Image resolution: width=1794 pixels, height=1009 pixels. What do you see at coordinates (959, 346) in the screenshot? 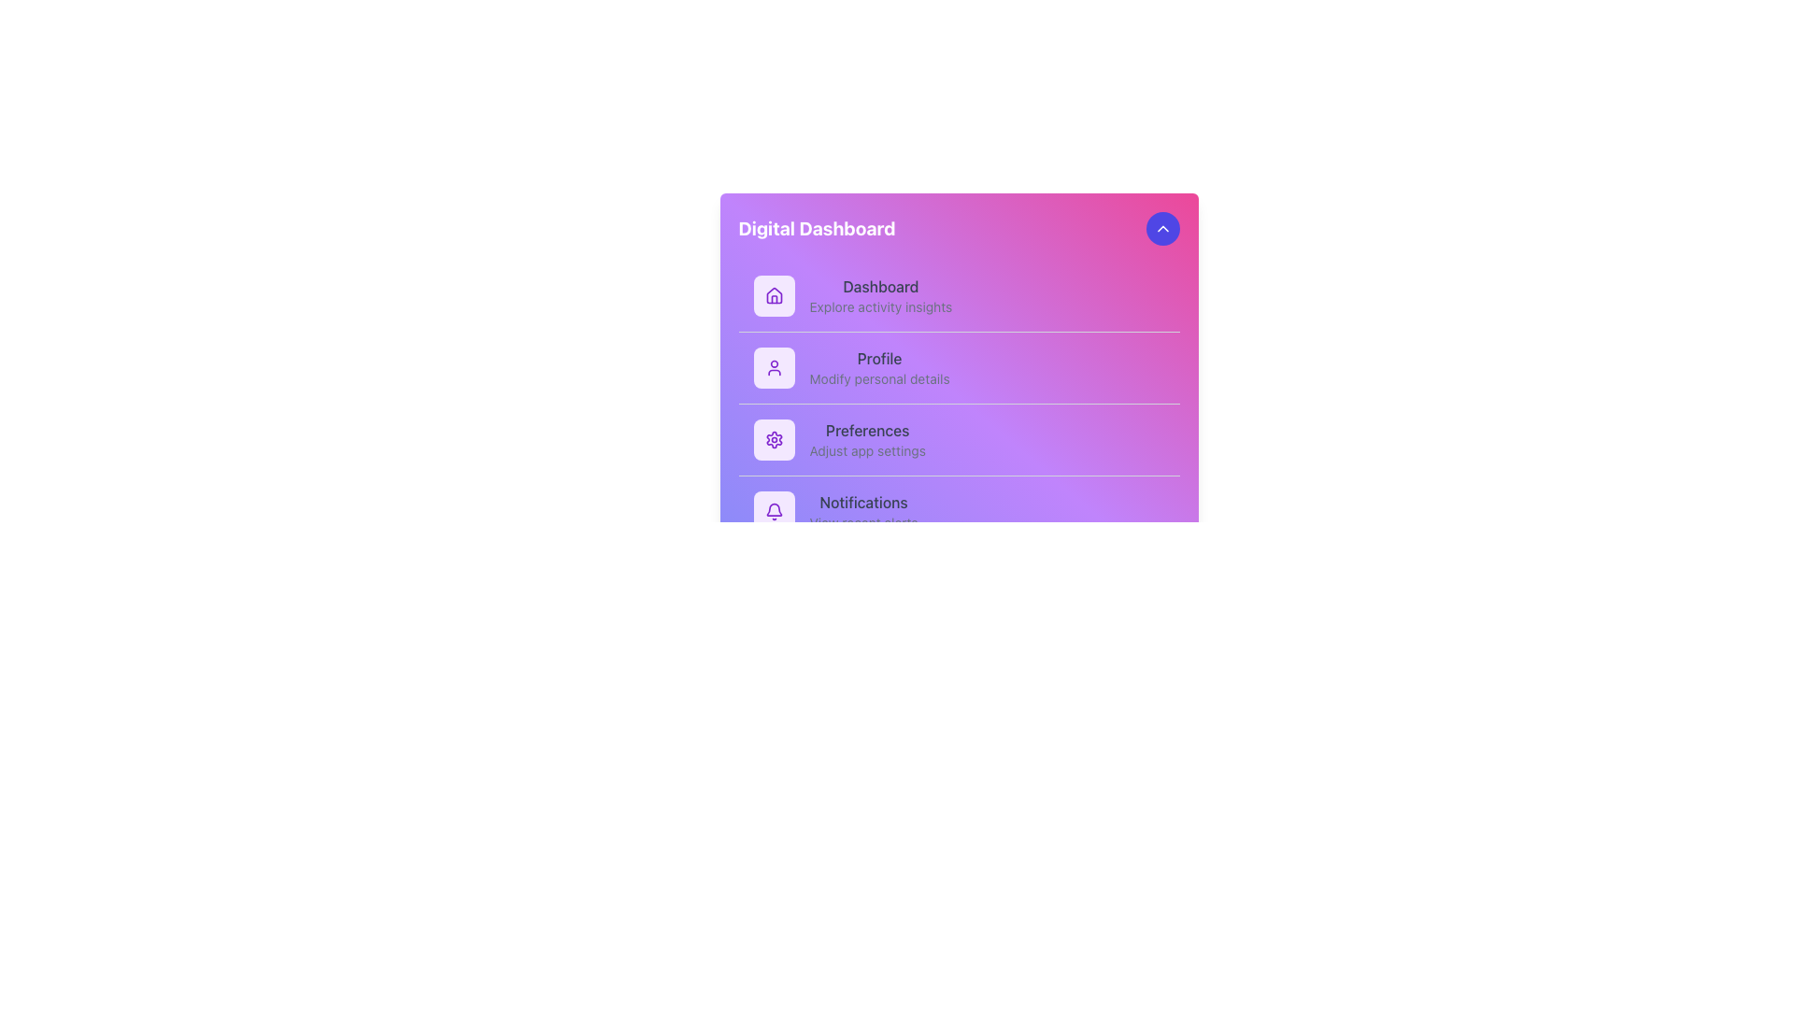
I see `the Navigation Link with a purple gradient background that contains items like 'Dashboard', 'Profile', 'Preferences', and 'Notifications'` at bounding box center [959, 346].